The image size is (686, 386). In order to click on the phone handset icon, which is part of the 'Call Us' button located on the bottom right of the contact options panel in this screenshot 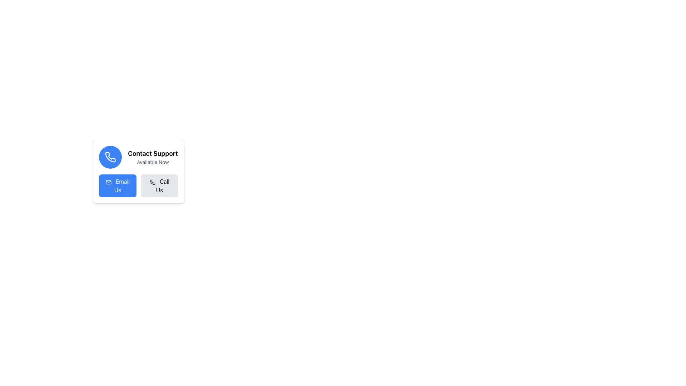, I will do `click(152, 182)`.